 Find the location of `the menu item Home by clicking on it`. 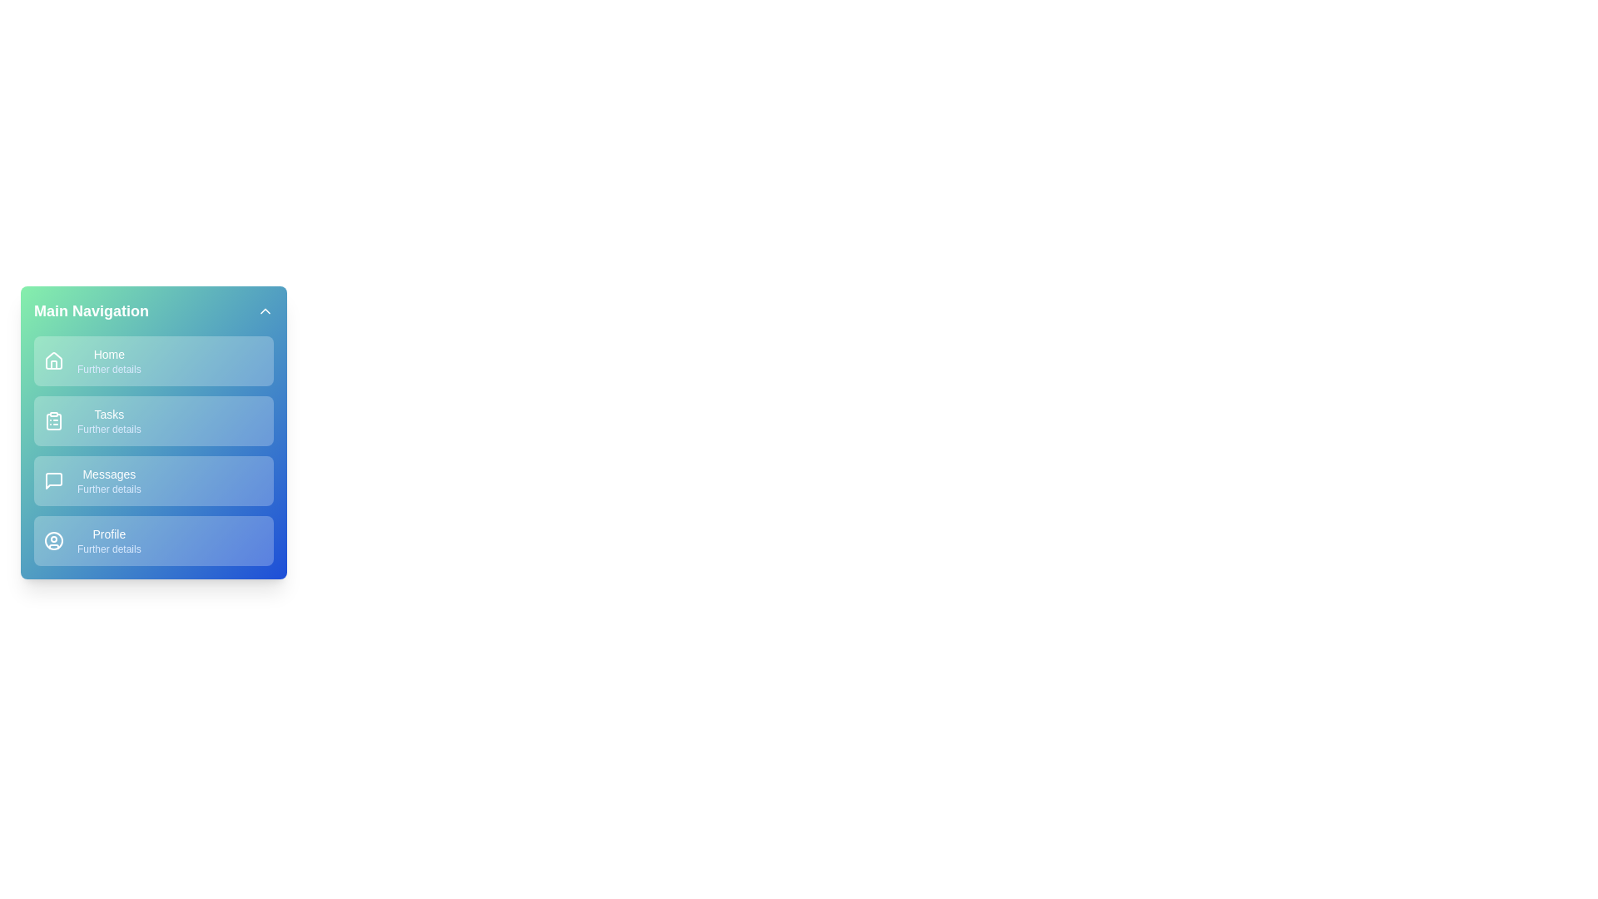

the menu item Home by clicking on it is located at coordinates (154, 360).